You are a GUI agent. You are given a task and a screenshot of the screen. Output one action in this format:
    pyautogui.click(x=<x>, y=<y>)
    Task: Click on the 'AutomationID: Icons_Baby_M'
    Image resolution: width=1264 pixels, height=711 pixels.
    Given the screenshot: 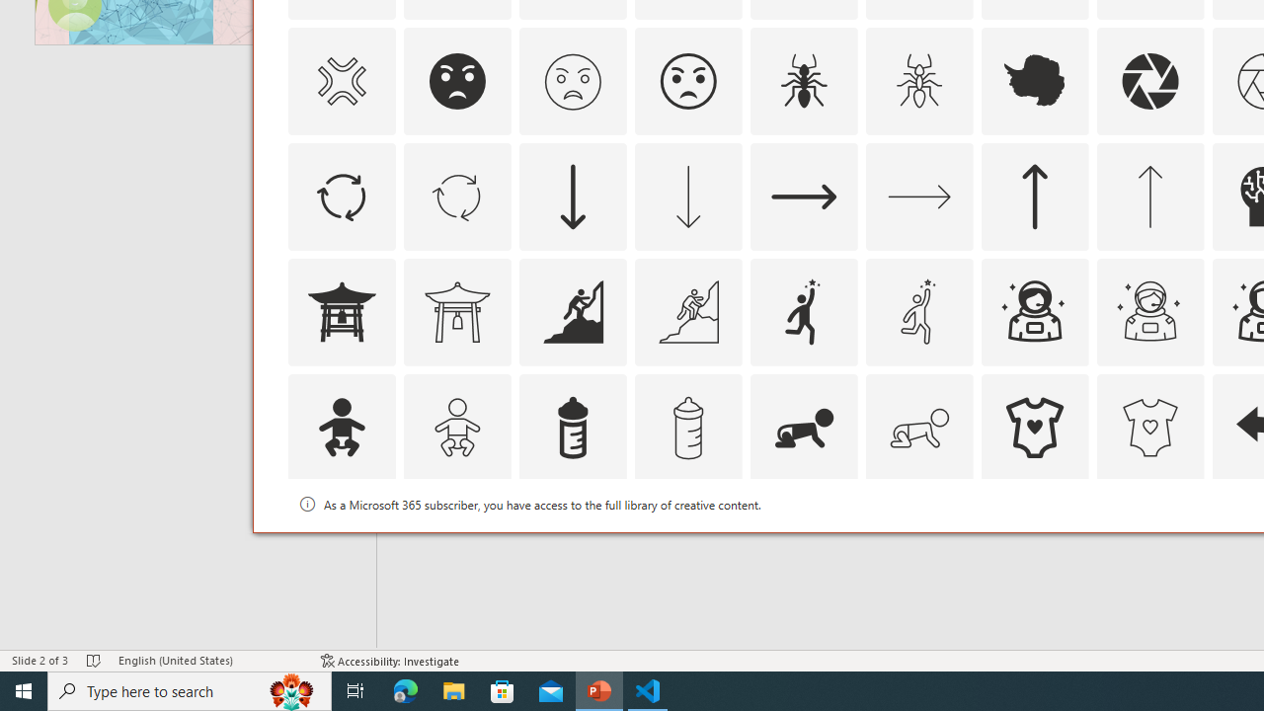 What is the action you would take?
    pyautogui.click(x=456, y=426)
    